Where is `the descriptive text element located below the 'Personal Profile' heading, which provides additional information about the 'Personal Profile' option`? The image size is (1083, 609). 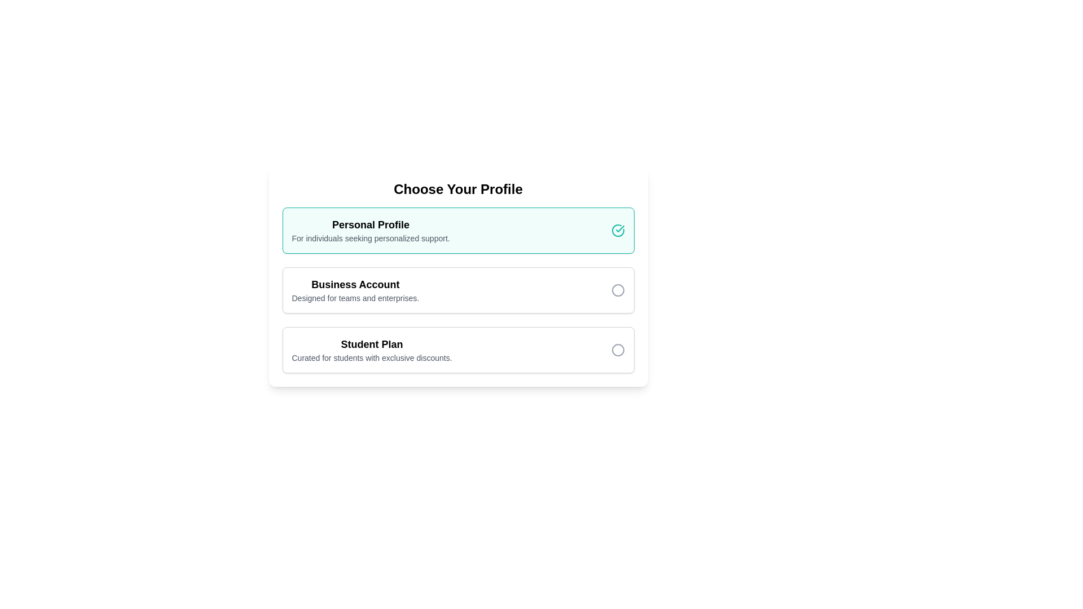
the descriptive text element located below the 'Personal Profile' heading, which provides additional information about the 'Personal Profile' option is located at coordinates (371, 238).